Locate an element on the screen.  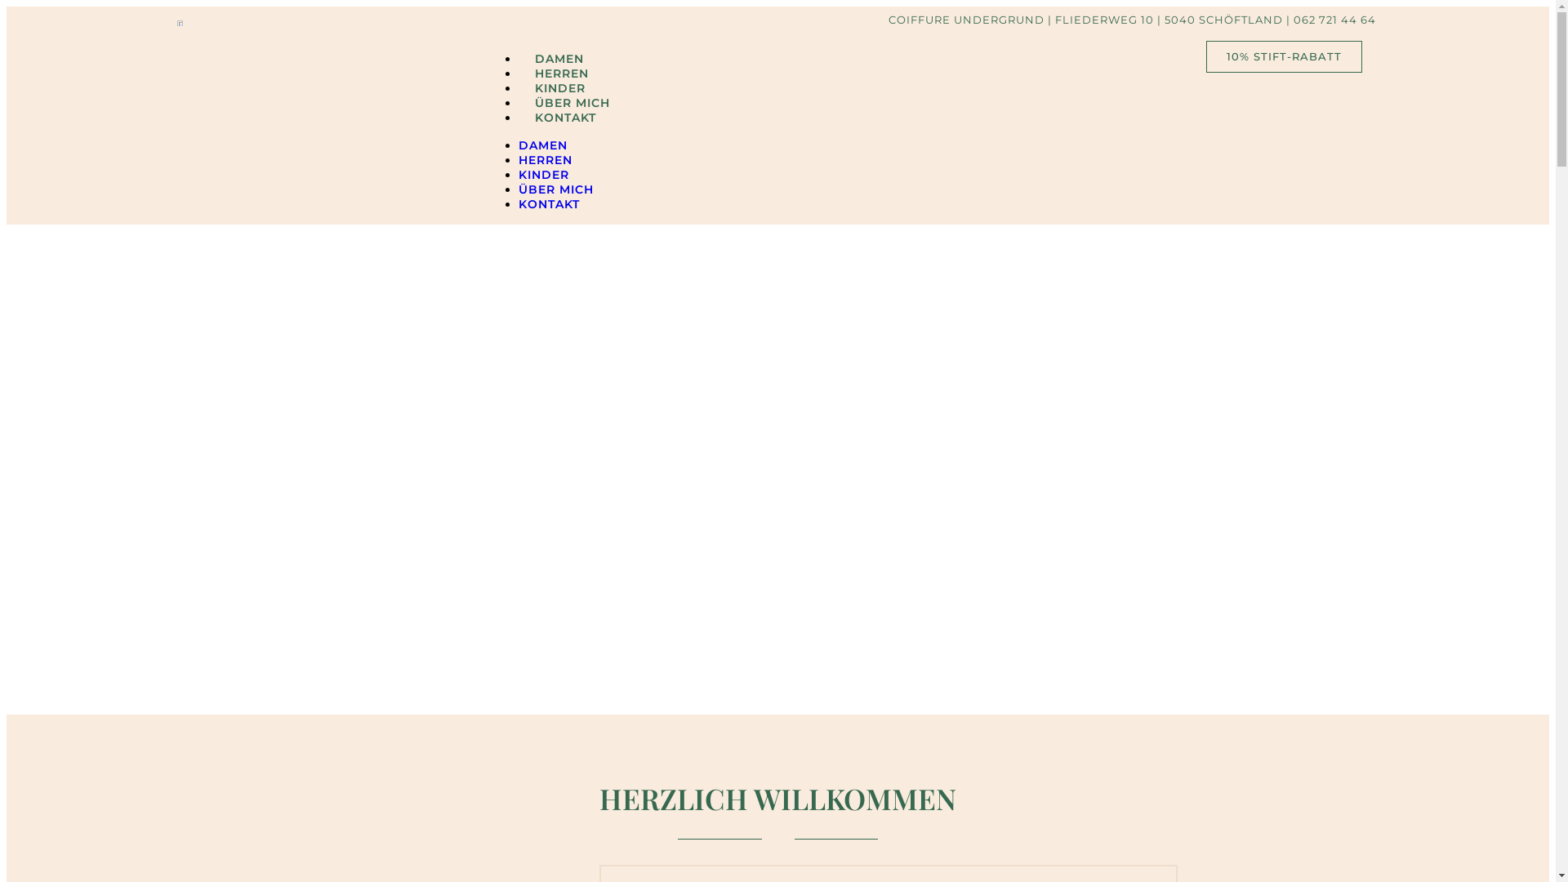
'HERREN' is located at coordinates (545, 160).